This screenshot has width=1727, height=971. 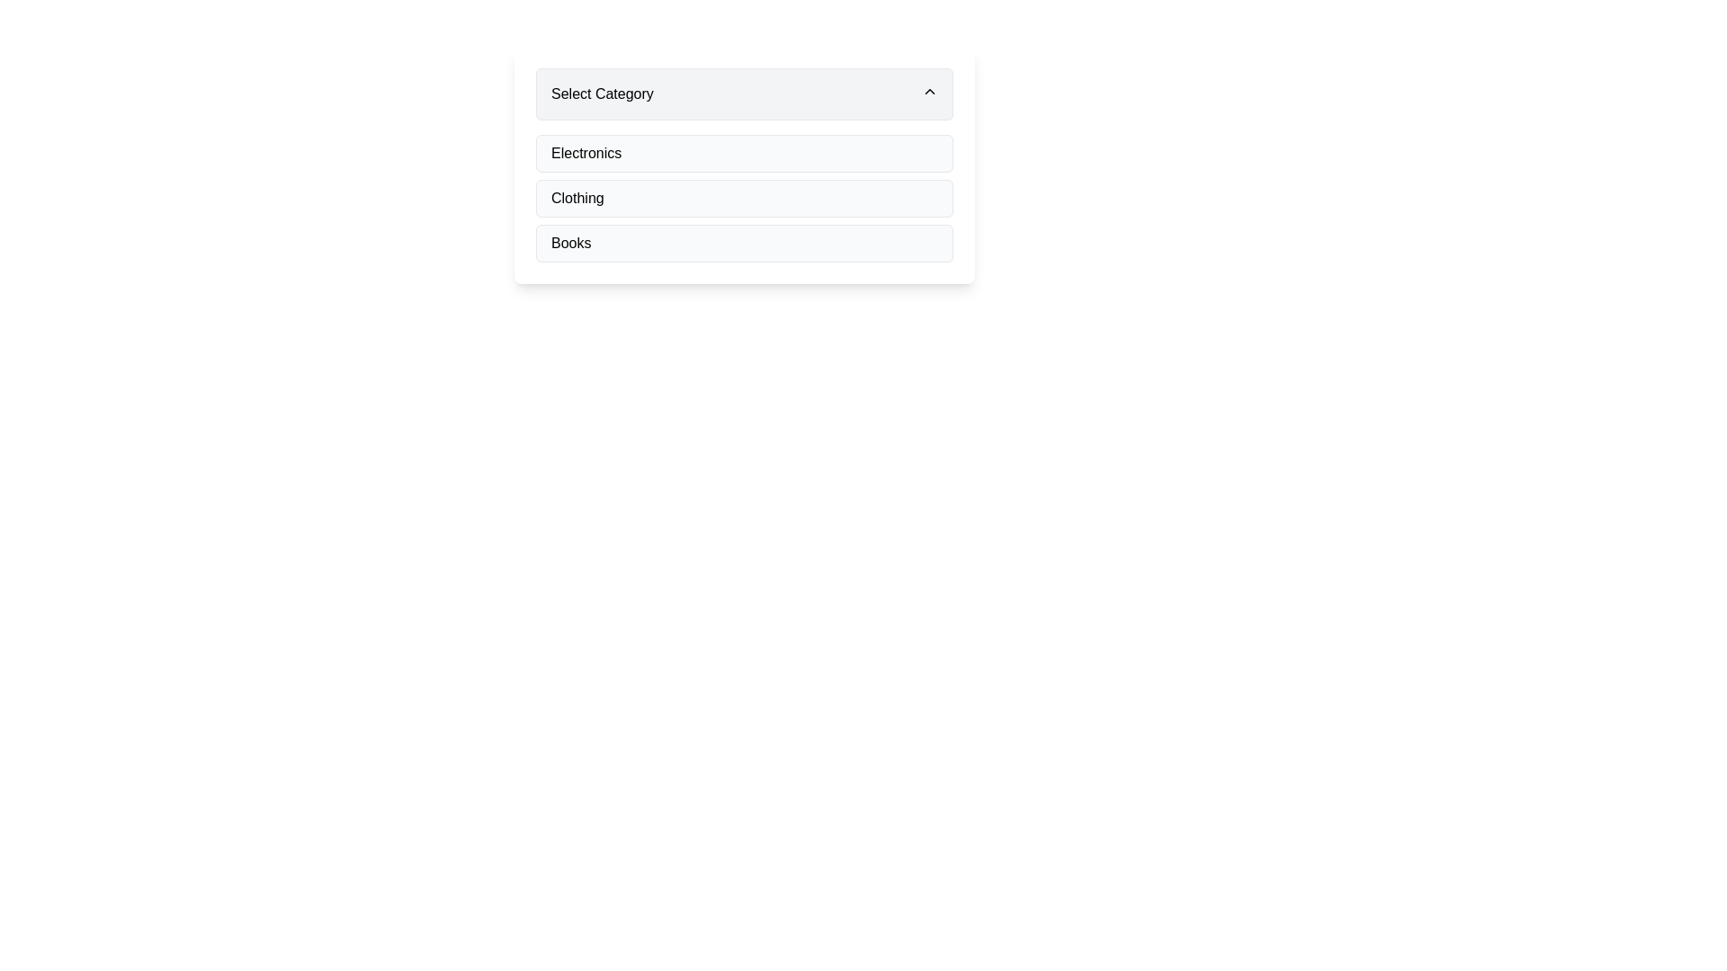 What do you see at coordinates (745, 198) in the screenshot?
I see `the 'Clothing' category selection button, which is the second option in the dropdown menu between 'Electronics' and 'Books'` at bounding box center [745, 198].